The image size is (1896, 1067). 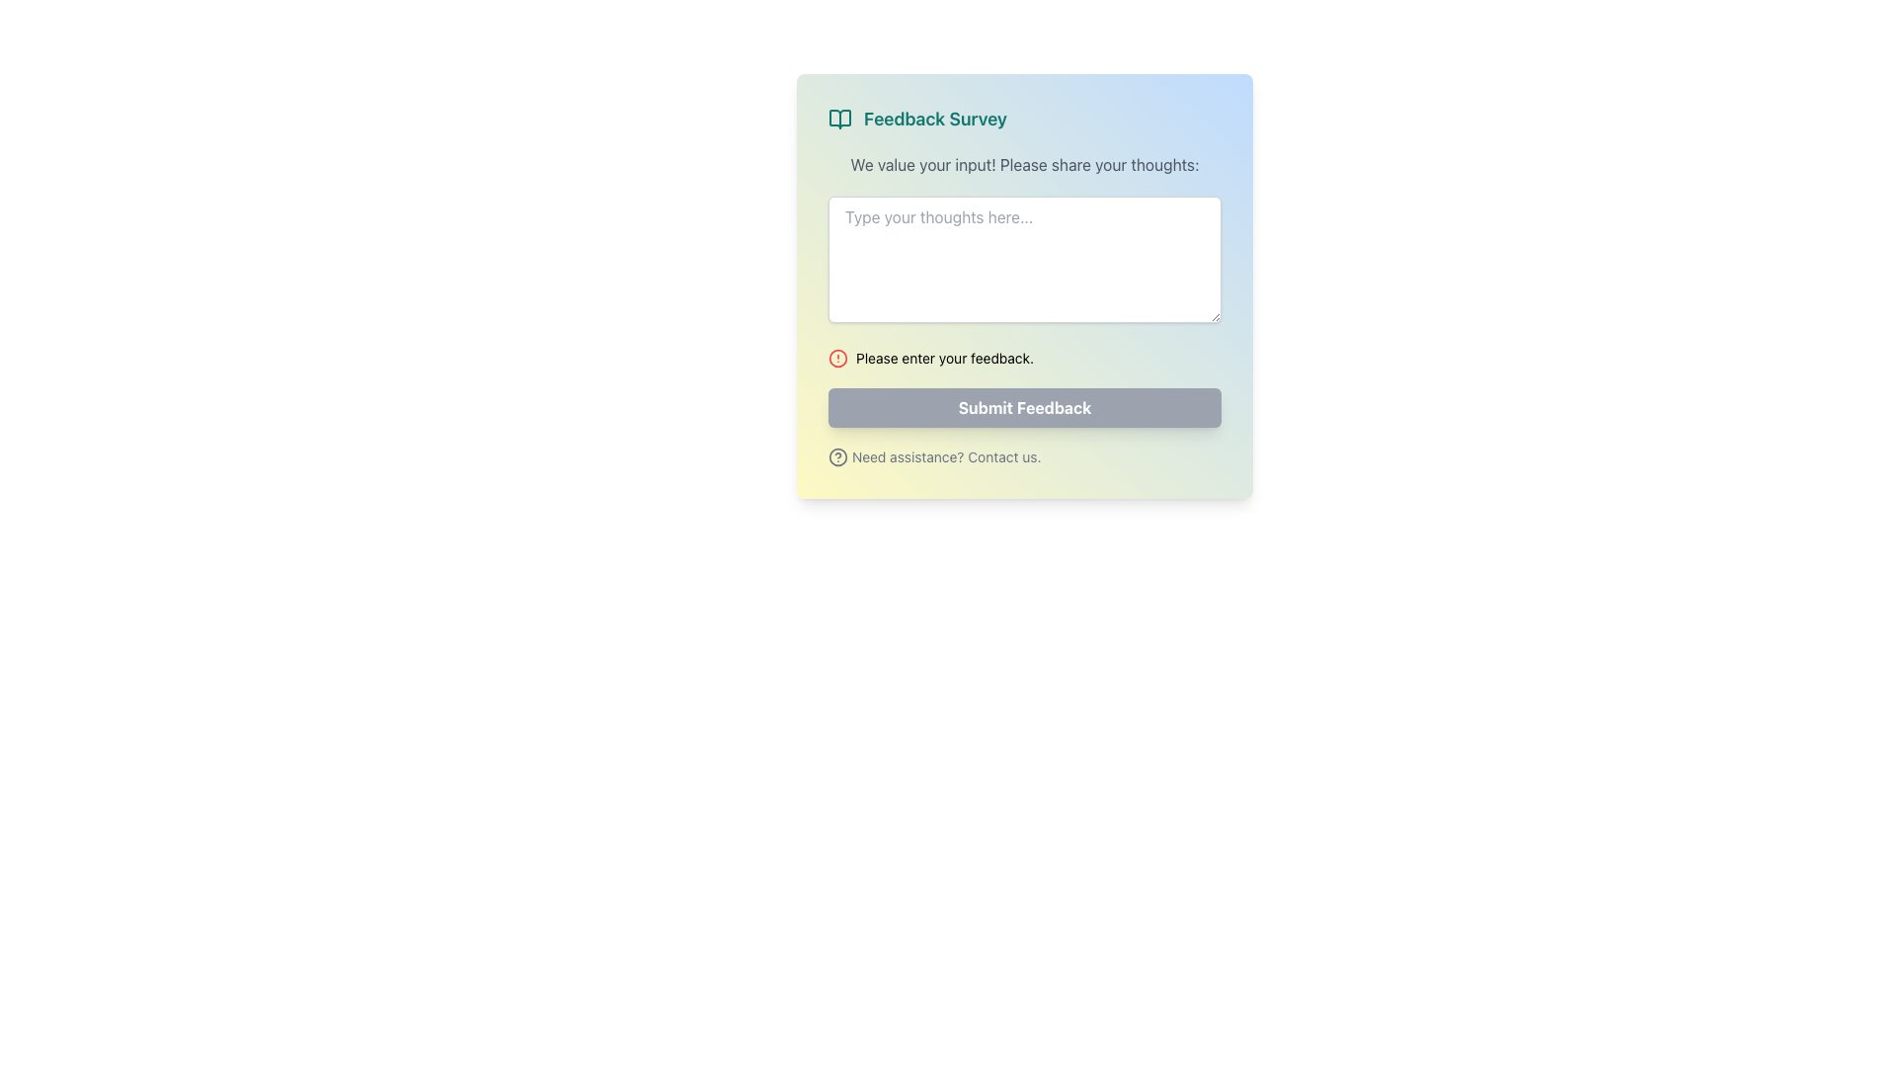 What do you see at coordinates (838, 456) in the screenshot?
I see `the circular gray icon with a question mark, located to the left of the text 'Need assistance? Contact us.'` at bounding box center [838, 456].